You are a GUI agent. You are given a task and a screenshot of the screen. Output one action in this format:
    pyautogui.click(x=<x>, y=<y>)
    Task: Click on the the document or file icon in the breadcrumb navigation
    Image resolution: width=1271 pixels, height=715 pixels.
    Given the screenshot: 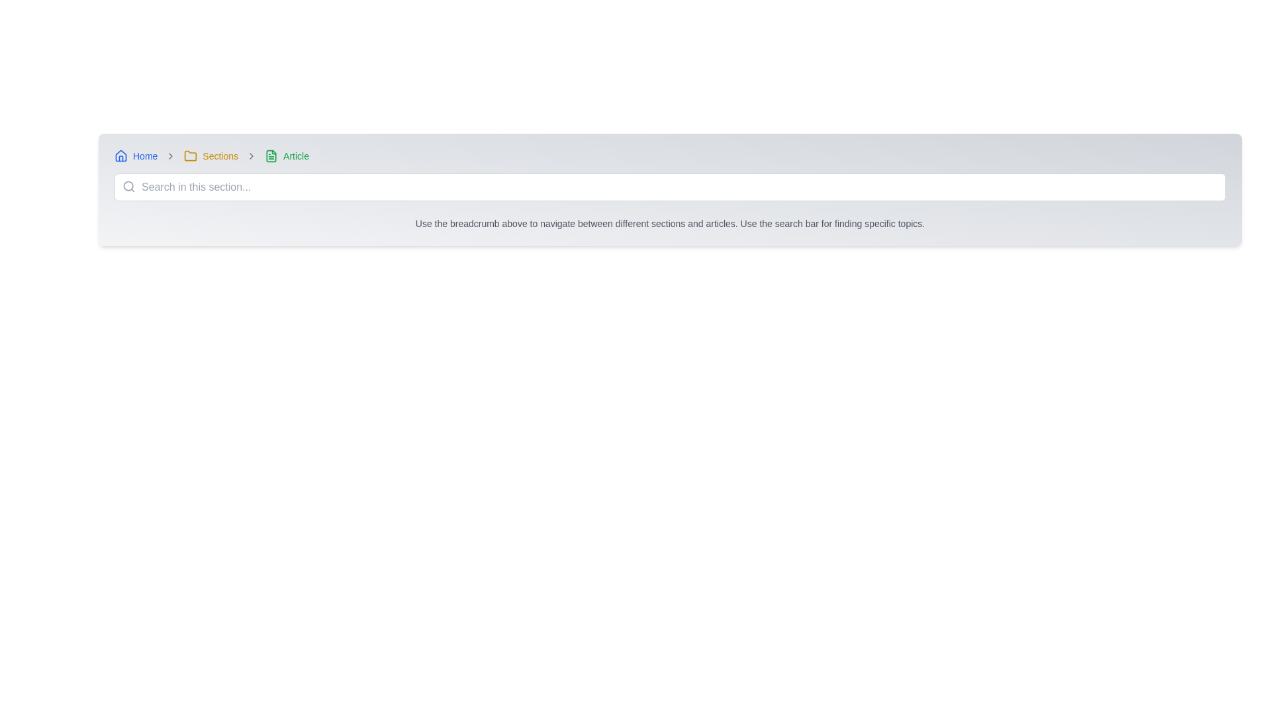 What is the action you would take?
    pyautogui.click(x=271, y=155)
    